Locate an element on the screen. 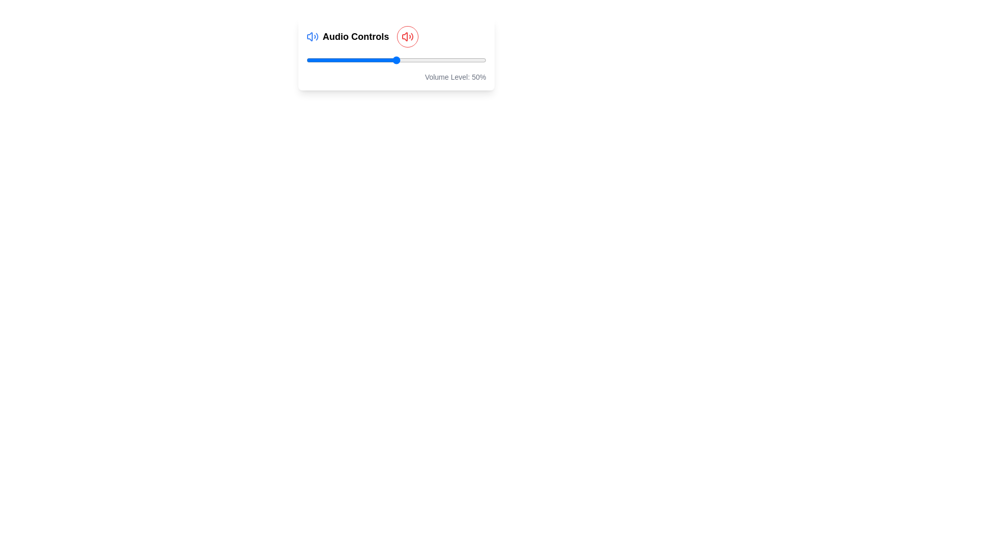 The width and height of the screenshot is (981, 552). mute button to toggle its state is located at coordinates (407, 36).